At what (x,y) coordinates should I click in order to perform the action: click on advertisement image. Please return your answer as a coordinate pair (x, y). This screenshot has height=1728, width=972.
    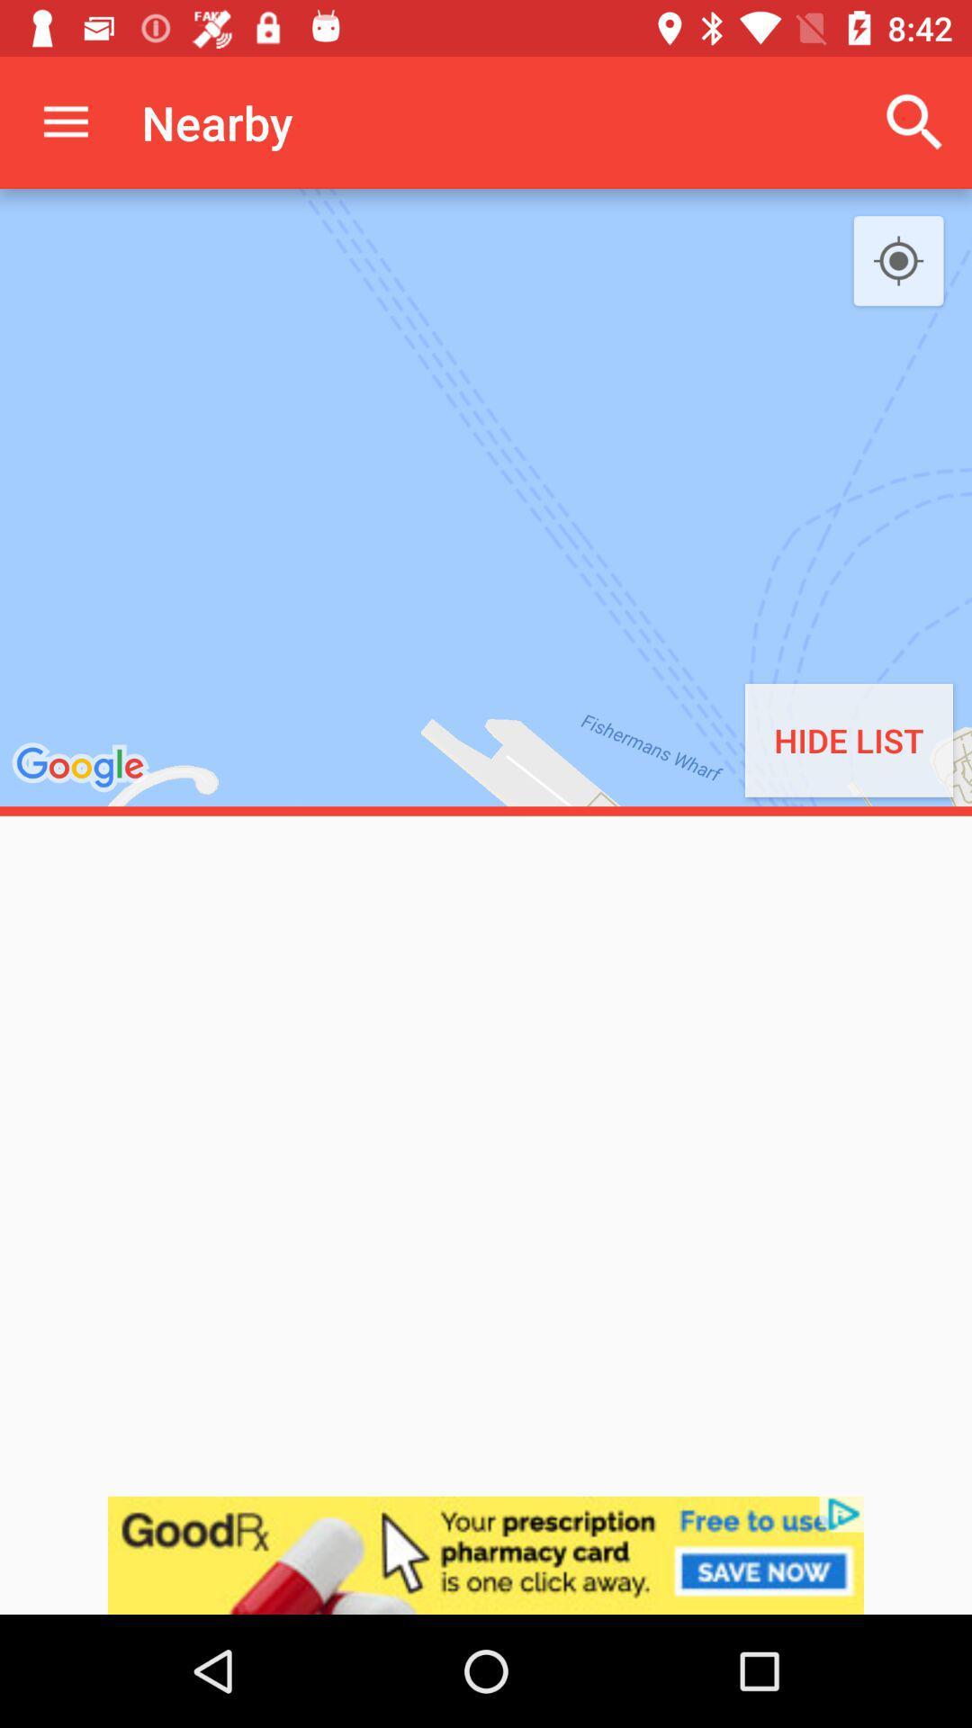
    Looking at the image, I should click on (486, 1554).